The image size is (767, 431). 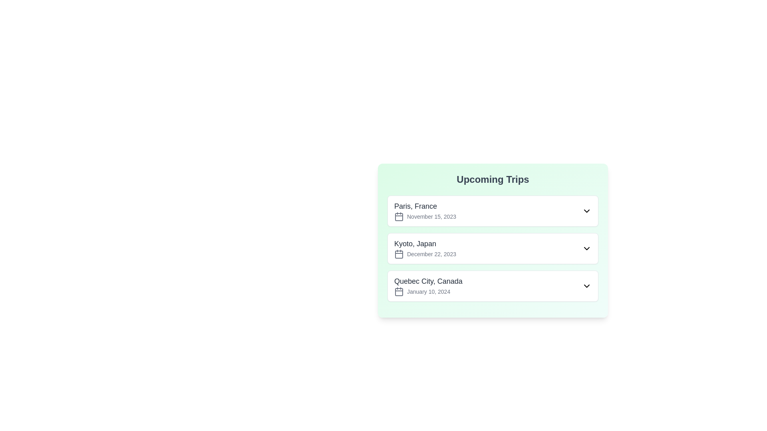 I want to click on the downward-facing chevron icon located to the far right of the 'Quebec City, Canada January 10, 2024' box in the 'Upcoming Trips' list, so click(x=586, y=286).